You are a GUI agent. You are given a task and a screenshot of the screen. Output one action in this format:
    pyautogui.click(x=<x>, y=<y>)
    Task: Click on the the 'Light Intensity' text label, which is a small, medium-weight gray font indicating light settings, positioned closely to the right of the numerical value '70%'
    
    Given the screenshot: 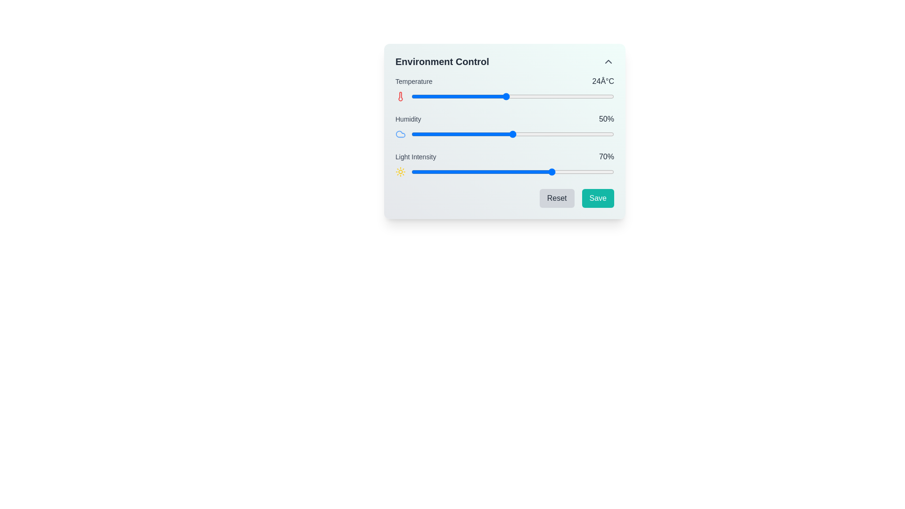 What is the action you would take?
    pyautogui.click(x=415, y=156)
    